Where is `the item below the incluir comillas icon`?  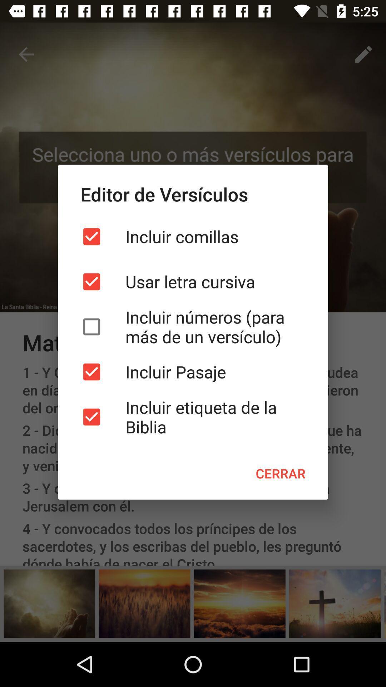 the item below the incluir comillas icon is located at coordinates (193, 281).